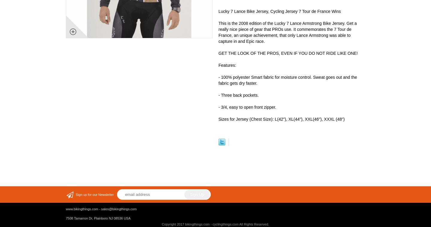 This screenshot has width=431, height=227. I want to click on 'Features:', so click(227, 65).